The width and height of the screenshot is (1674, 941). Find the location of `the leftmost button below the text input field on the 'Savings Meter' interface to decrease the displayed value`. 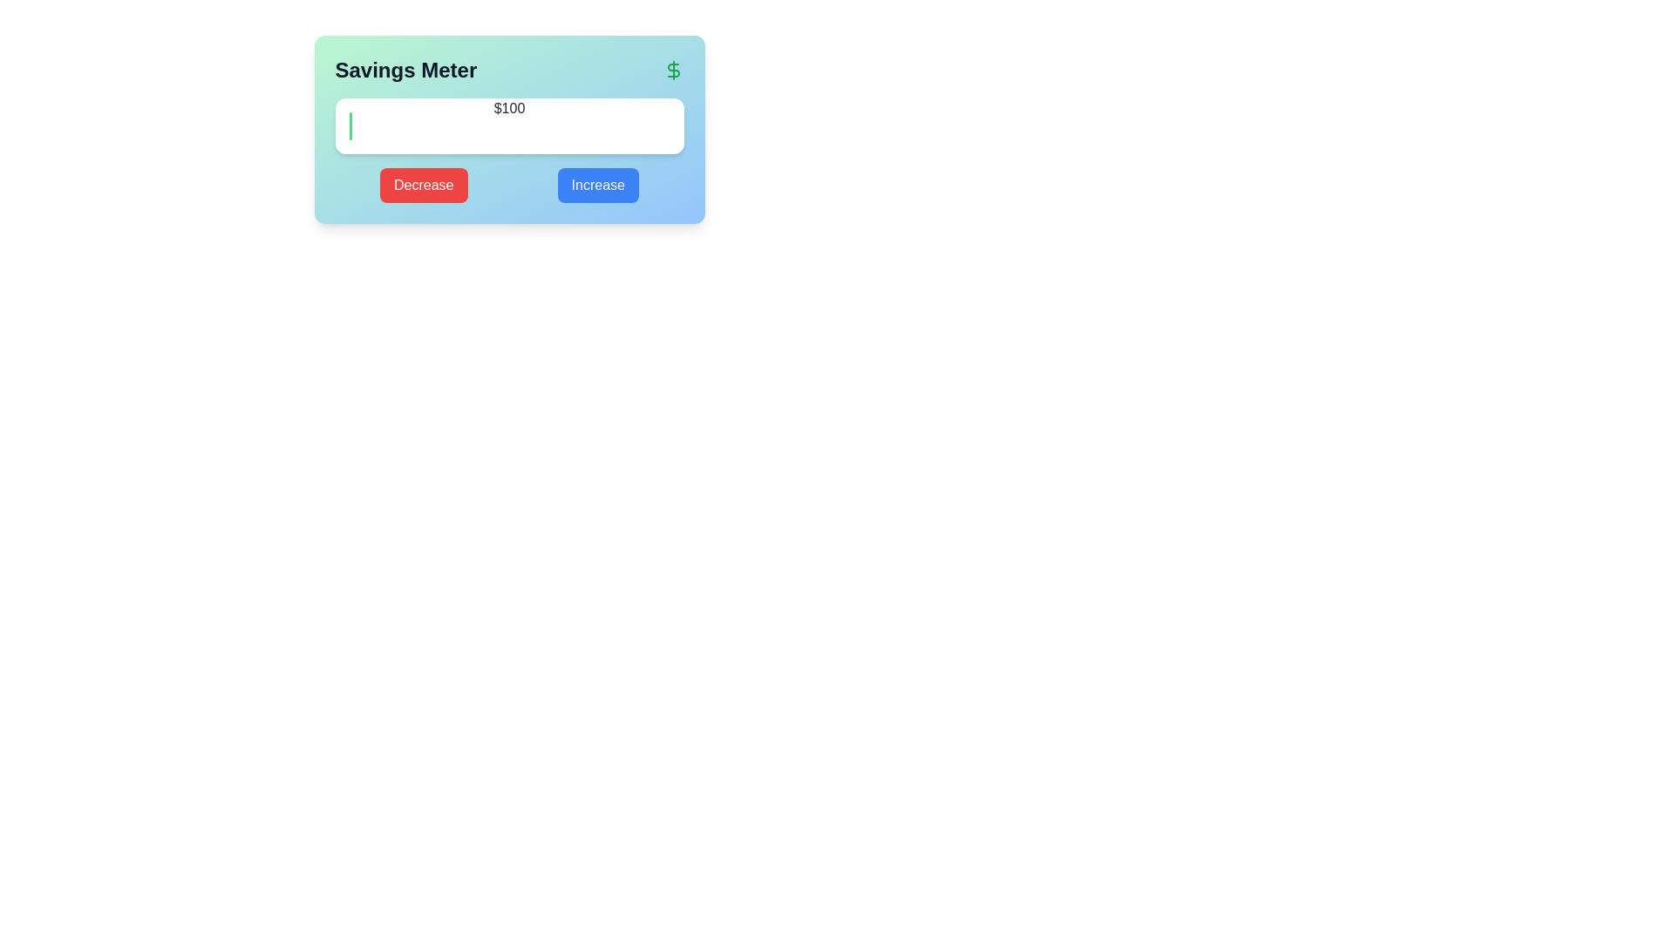

the leftmost button below the text input field on the 'Savings Meter' interface to decrease the displayed value is located at coordinates (424, 185).